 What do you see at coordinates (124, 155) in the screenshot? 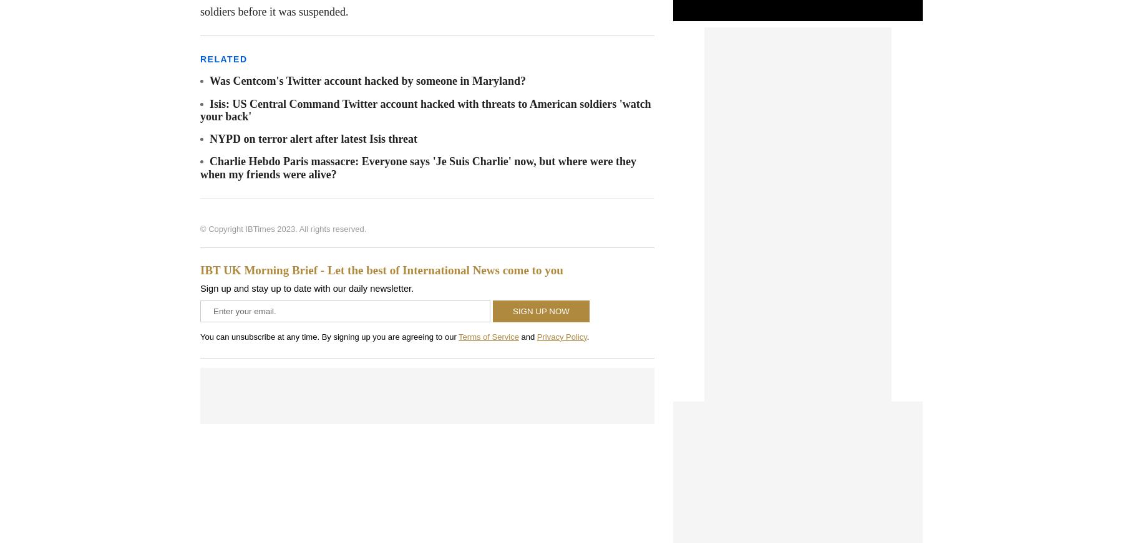
I see `'Follow Us'` at bounding box center [124, 155].